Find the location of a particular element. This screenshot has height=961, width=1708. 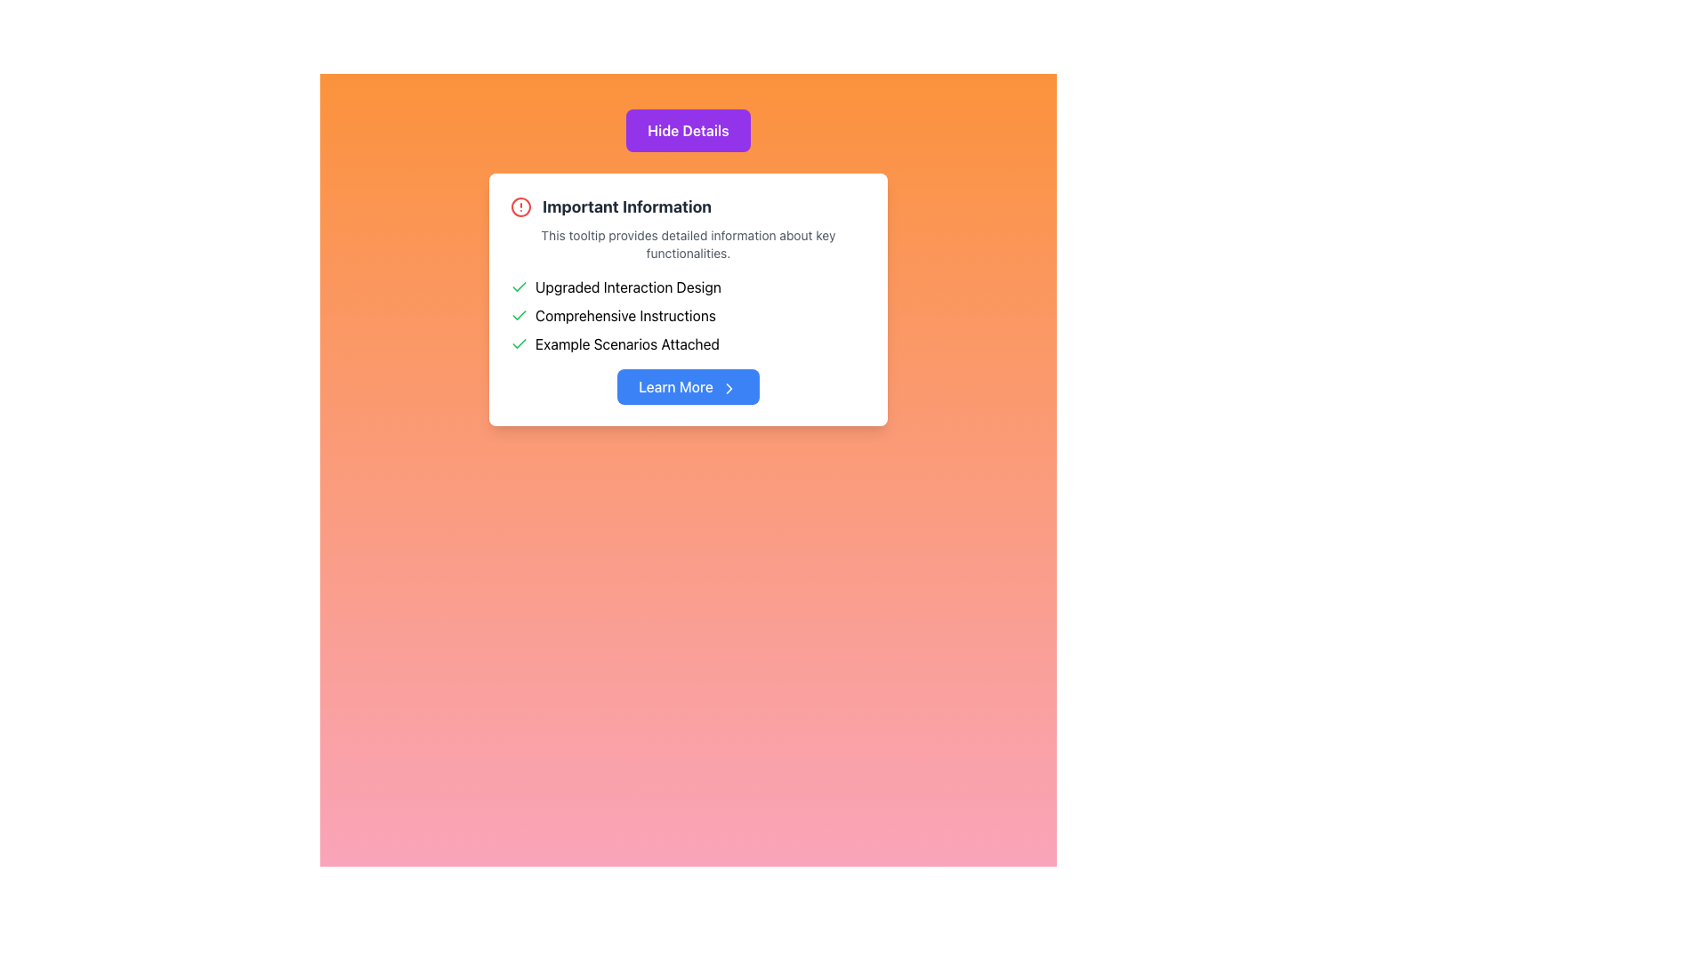

the warning icon that visually indicates the importance of the content titled 'Important Information', located next to the bold text is located at coordinates (520, 206).